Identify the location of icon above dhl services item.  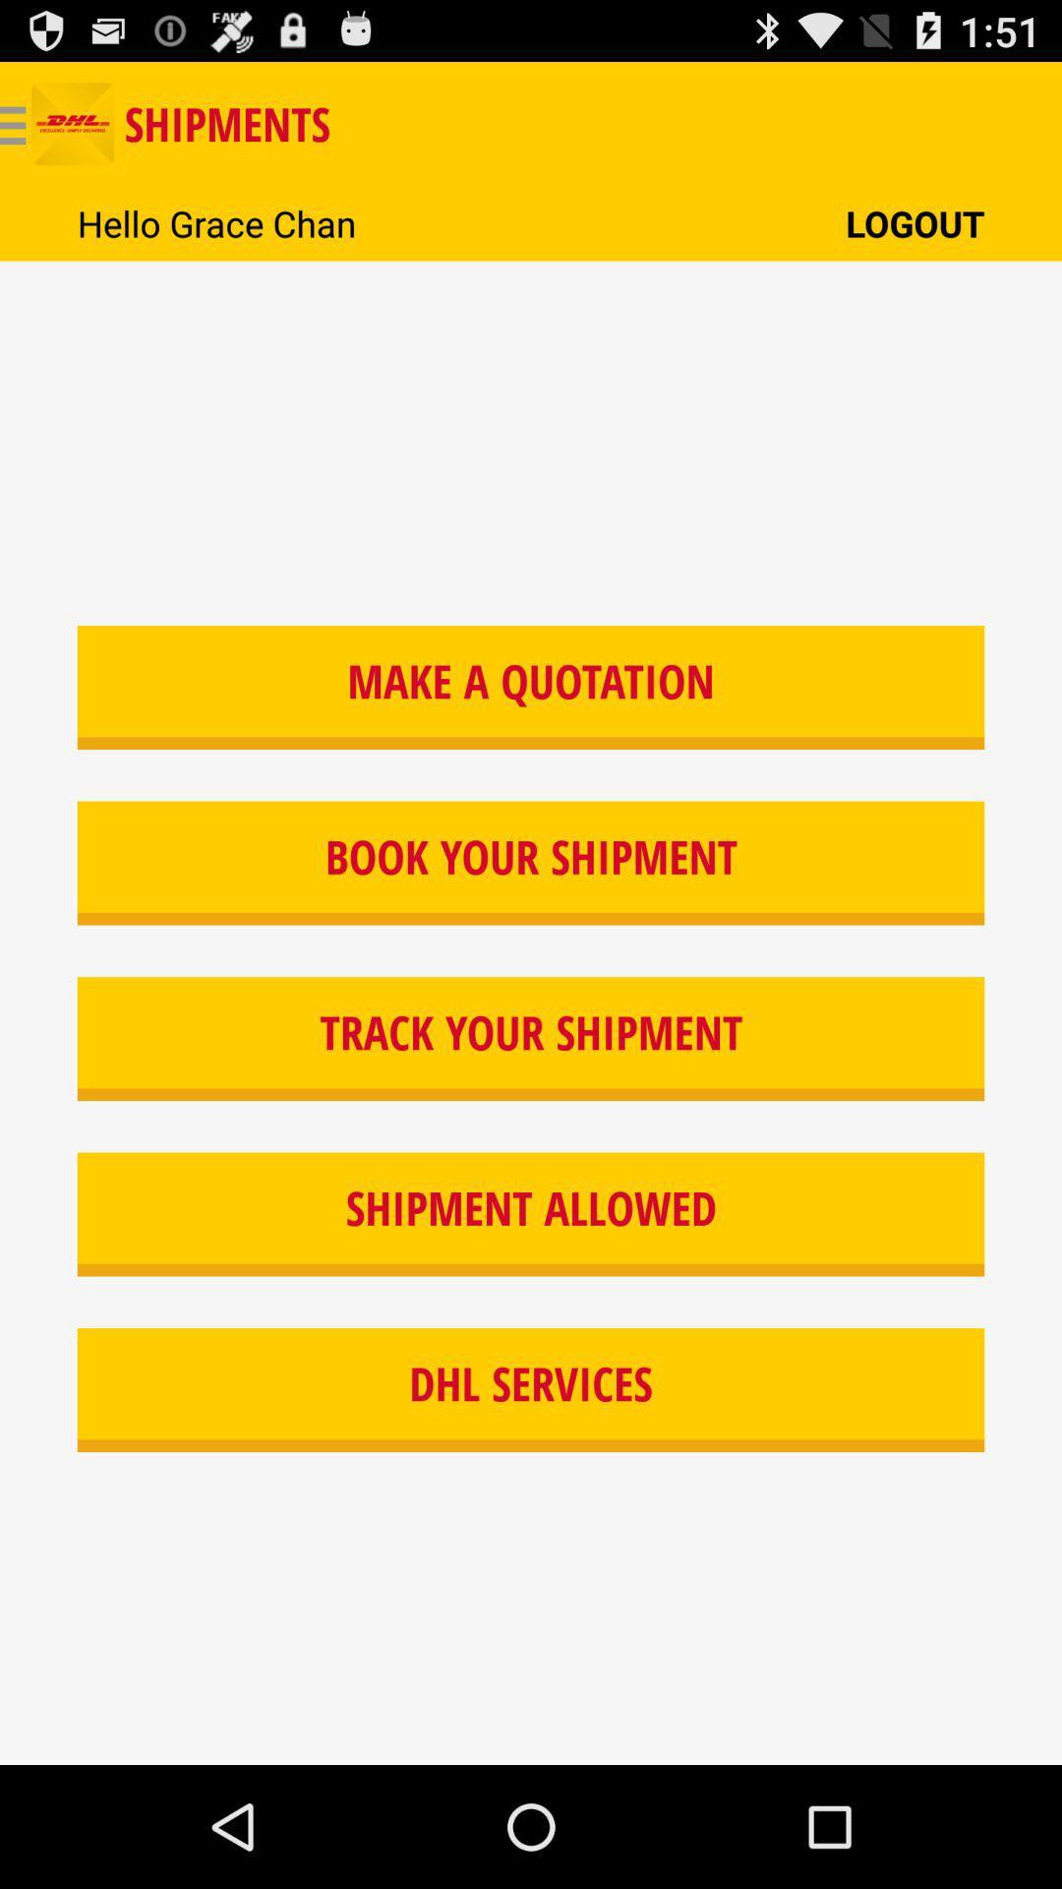
(531, 1213).